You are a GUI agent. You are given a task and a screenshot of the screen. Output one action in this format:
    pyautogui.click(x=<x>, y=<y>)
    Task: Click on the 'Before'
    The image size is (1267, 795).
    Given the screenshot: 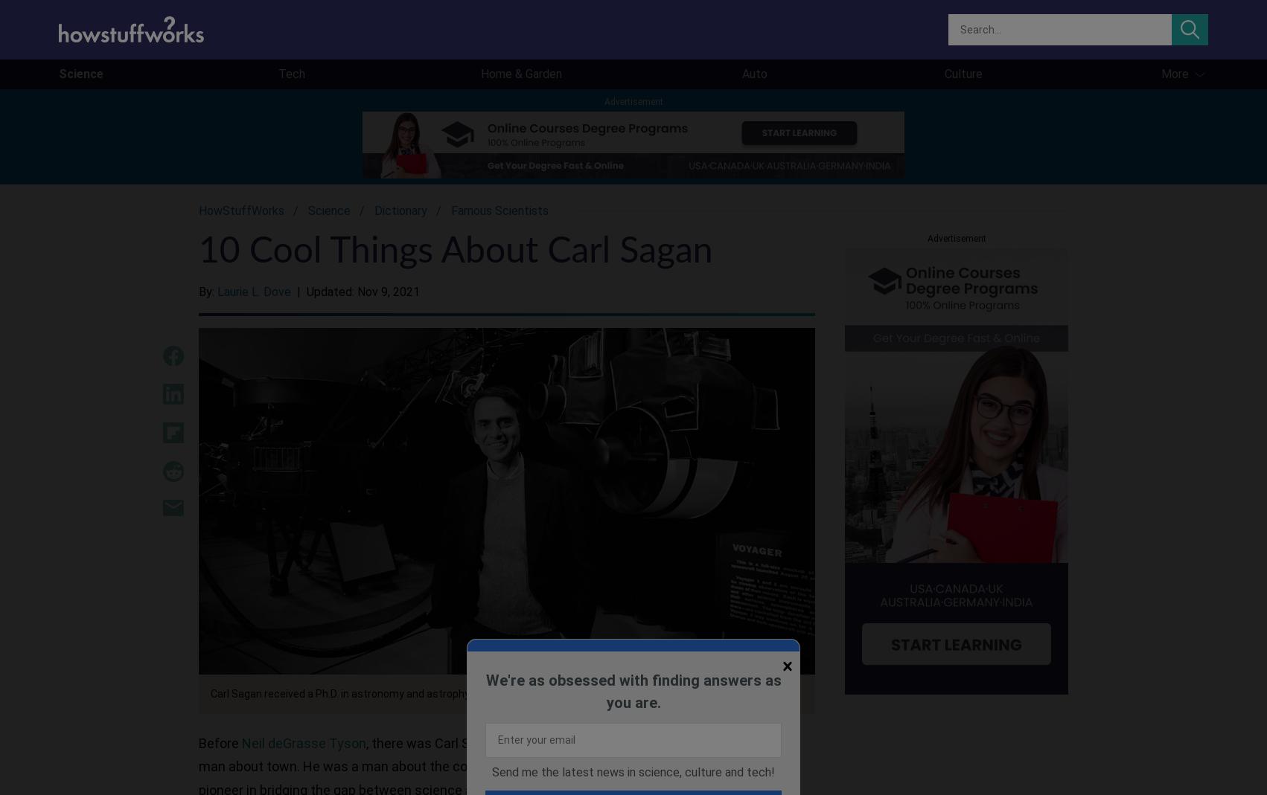 What is the action you would take?
    pyautogui.click(x=220, y=742)
    